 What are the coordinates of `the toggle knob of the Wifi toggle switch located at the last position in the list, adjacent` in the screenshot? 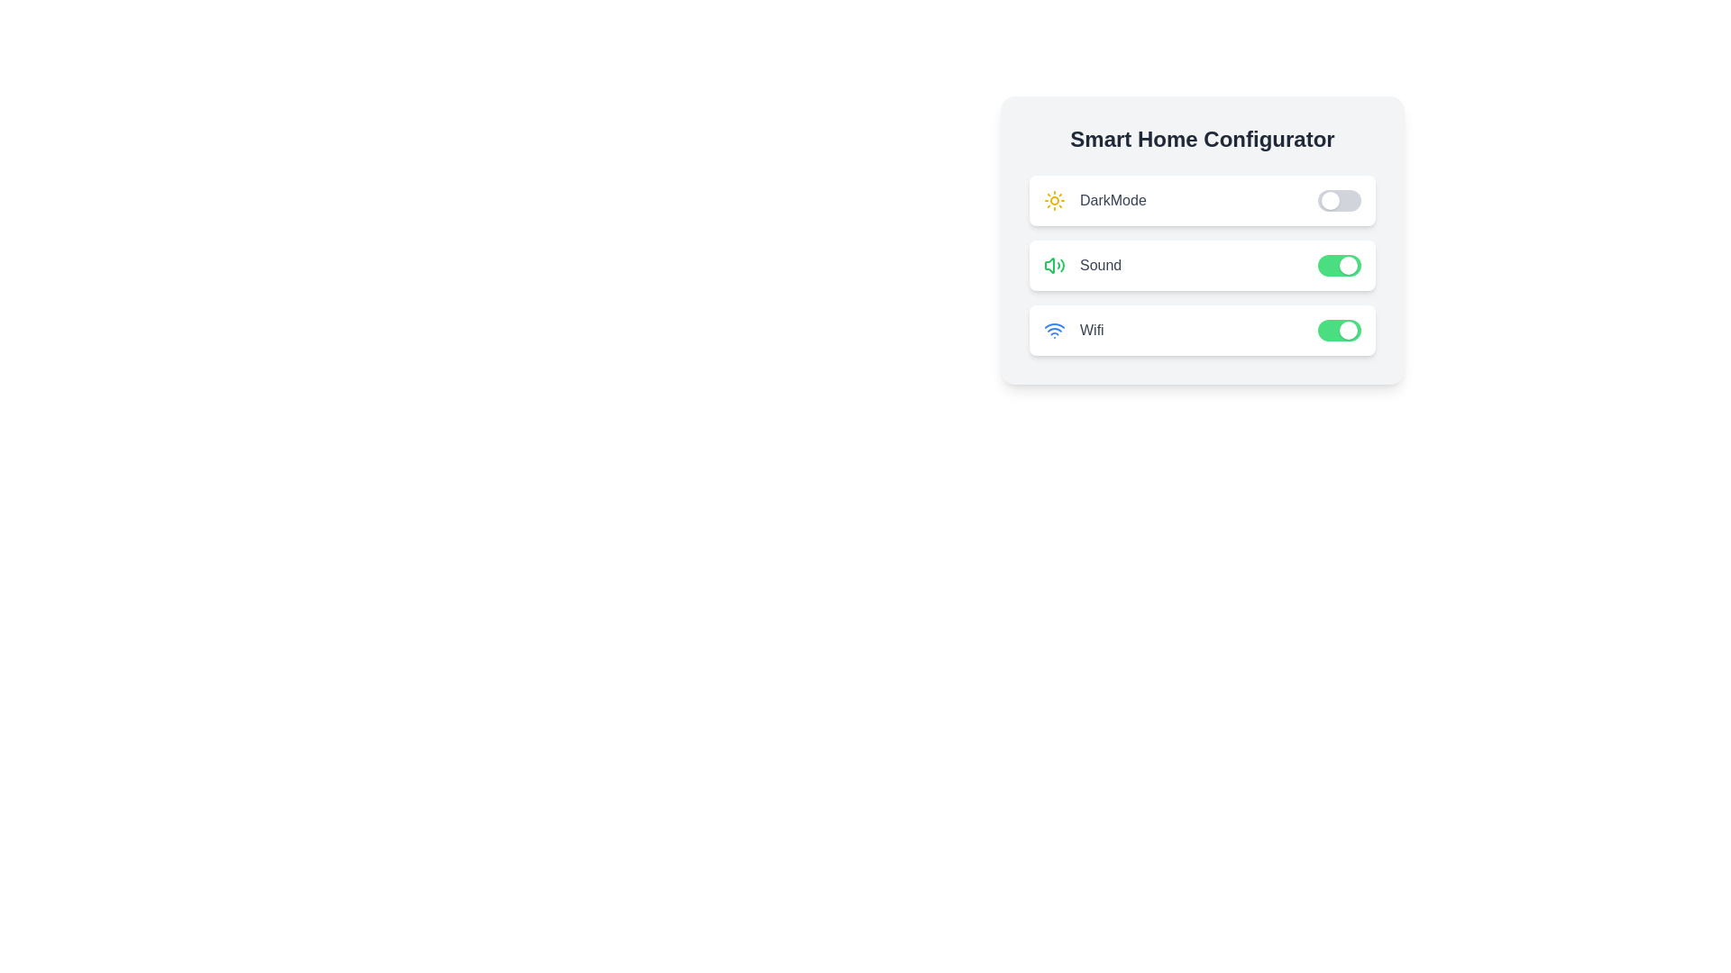 It's located at (1340, 330).